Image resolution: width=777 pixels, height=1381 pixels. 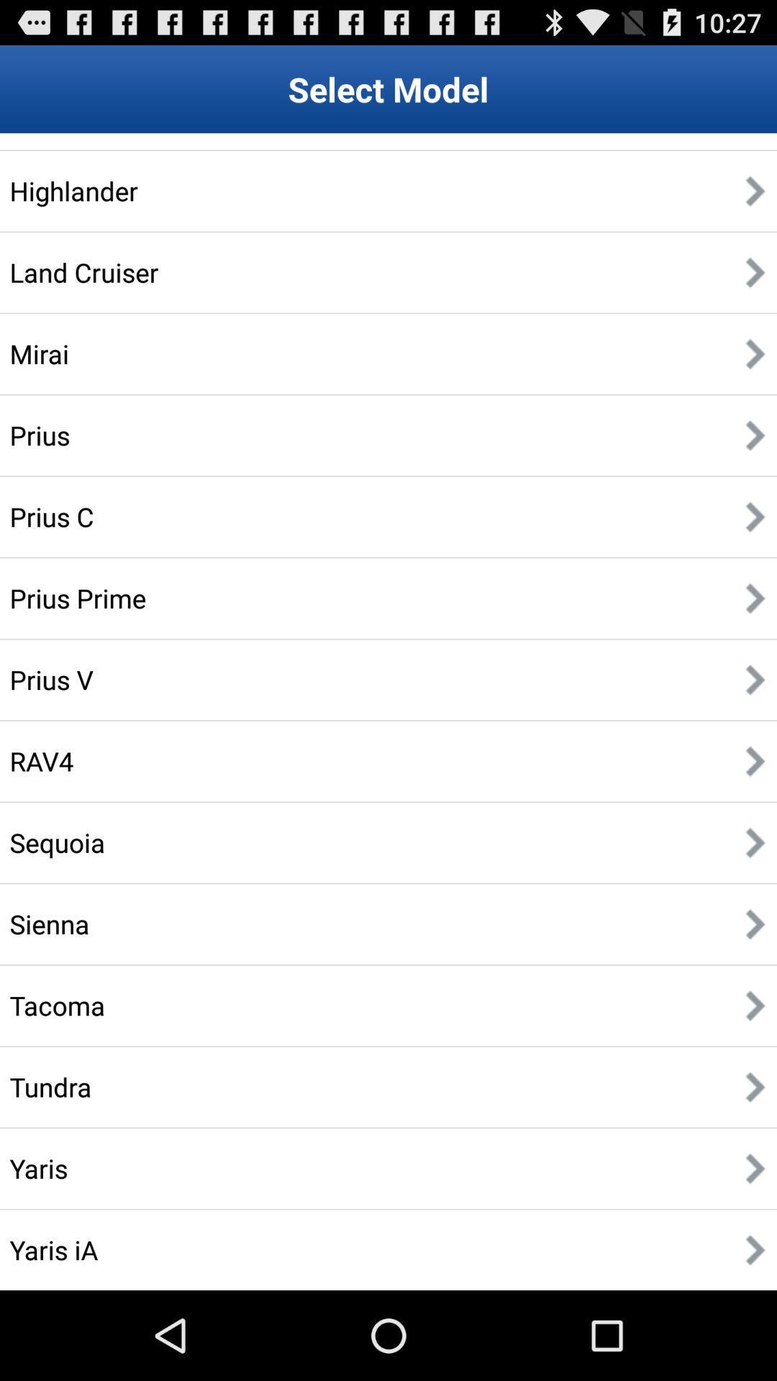 What do you see at coordinates (83, 272) in the screenshot?
I see `the app above mirai icon` at bounding box center [83, 272].